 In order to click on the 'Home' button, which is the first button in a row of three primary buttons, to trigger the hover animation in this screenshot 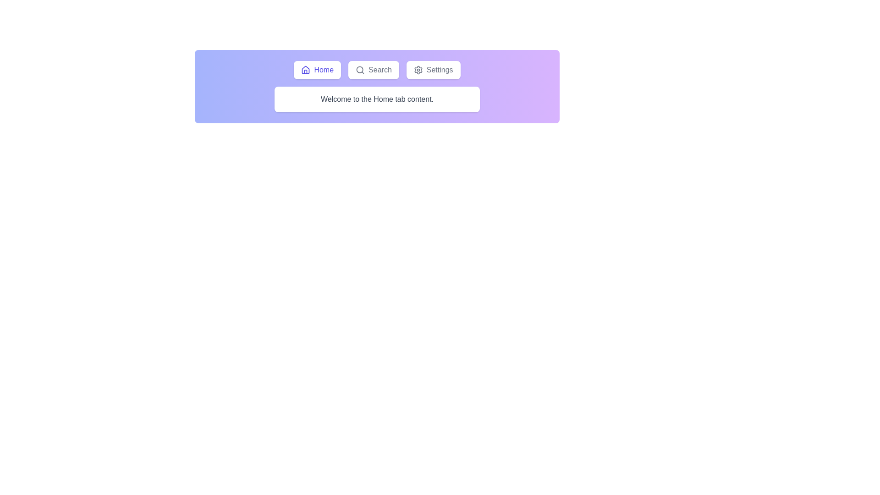, I will do `click(317, 70)`.